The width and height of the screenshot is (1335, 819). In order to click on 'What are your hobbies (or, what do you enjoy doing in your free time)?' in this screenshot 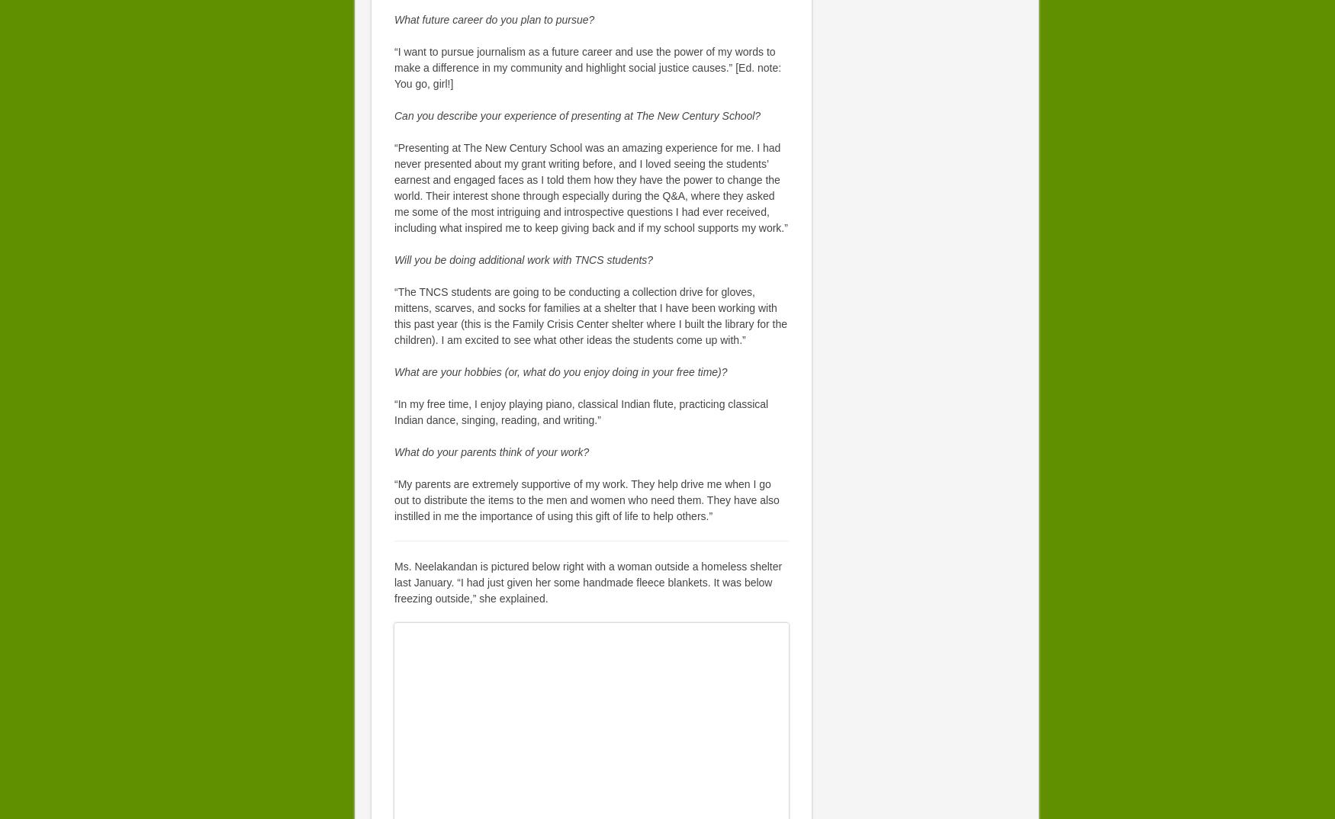, I will do `click(561, 372)`.